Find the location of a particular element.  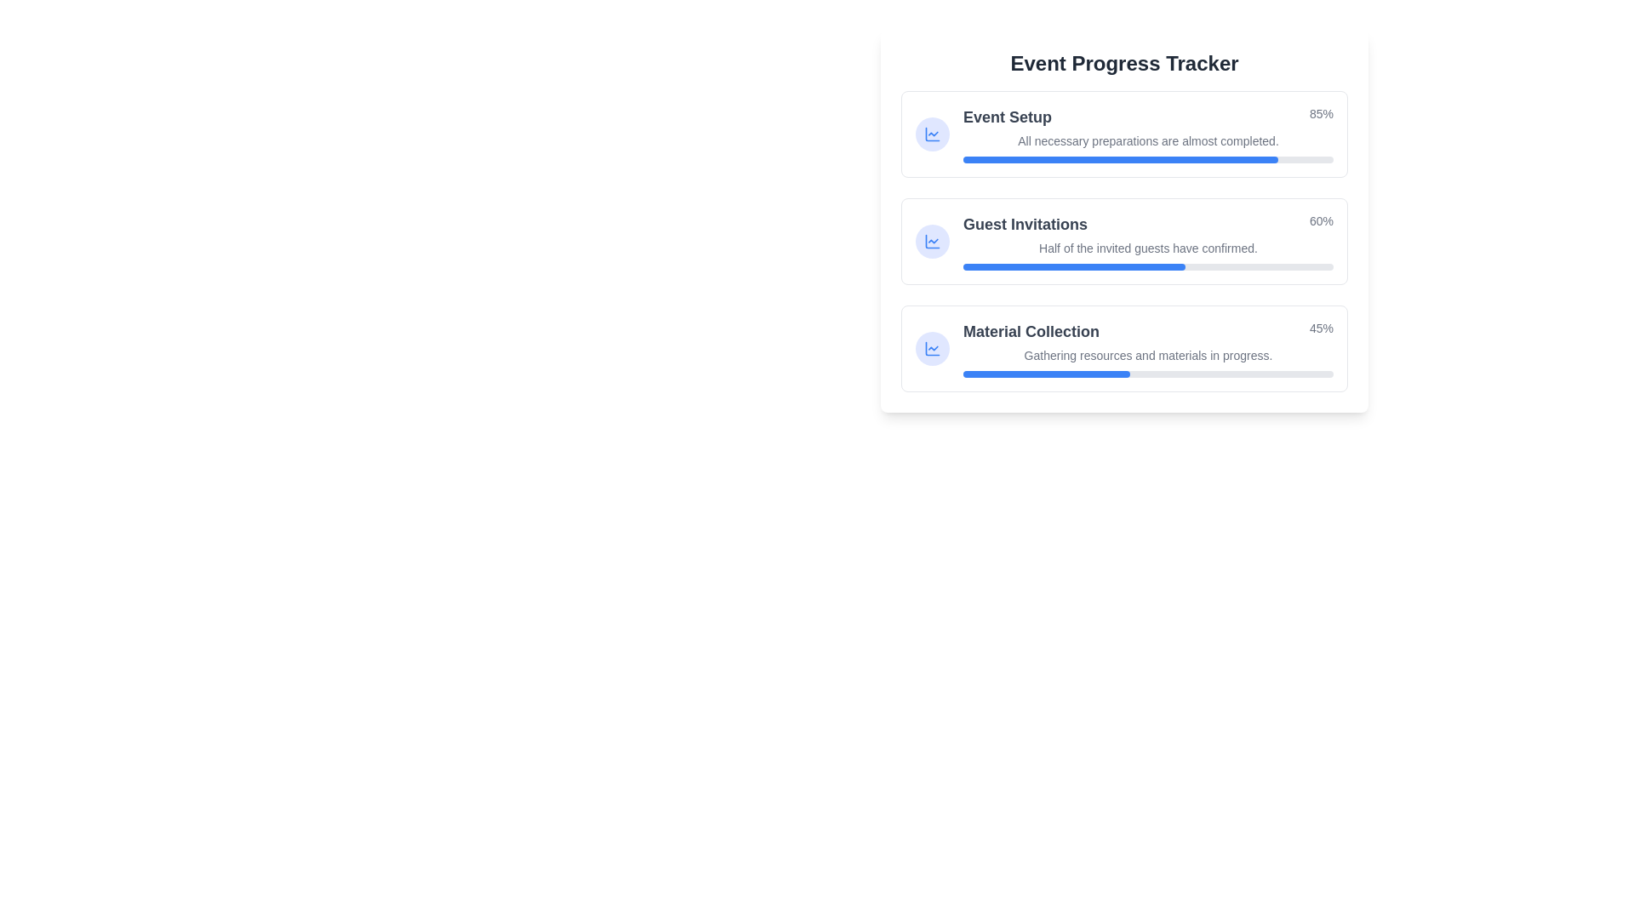

the progress of the bar is located at coordinates (1062, 160).